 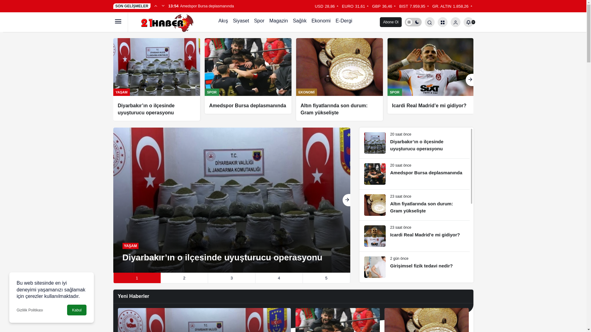 What do you see at coordinates (390, 22) in the screenshot?
I see `'Abone Ol'` at bounding box center [390, 22].